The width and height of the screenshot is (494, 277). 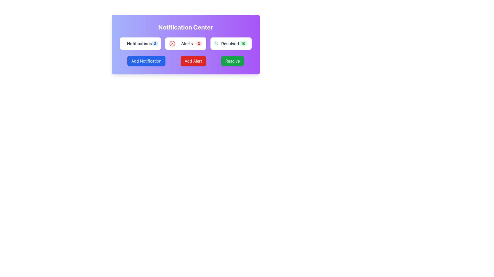 I want to click on the blue rectangular button labeled 'Add Notification', so click(x=146, y=61).